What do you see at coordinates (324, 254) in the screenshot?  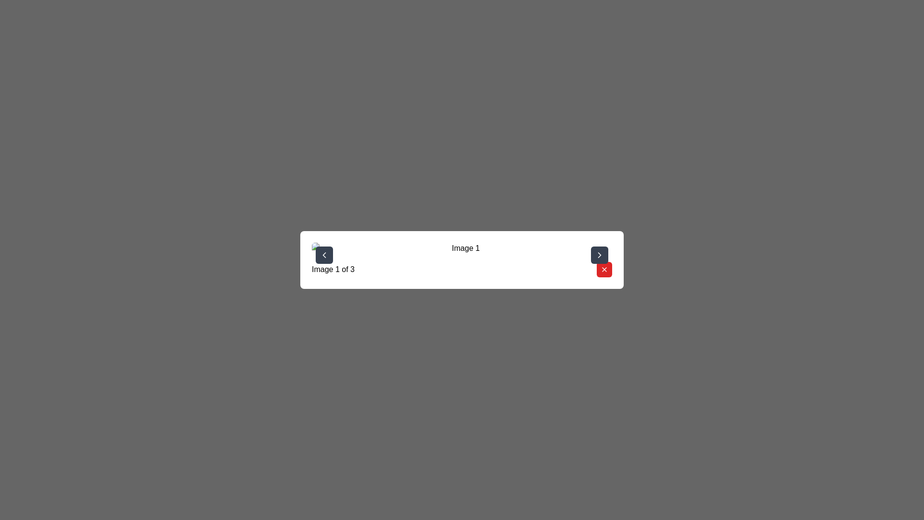 I see `the 'Previous' Icon Button located near the left edge of the navigation bar` at bounding box center [324, 254].